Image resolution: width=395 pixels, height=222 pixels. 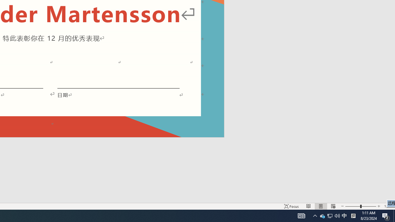 What do you see at coordinates (321, 206) in the screenshot?
I see `'Print Layout'` at bounding box center [321, 206].